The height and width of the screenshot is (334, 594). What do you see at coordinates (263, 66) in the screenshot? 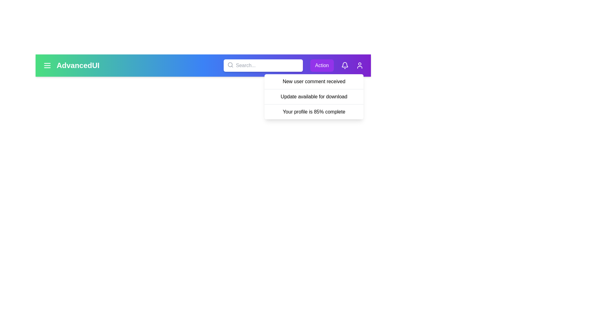
I see `the search input field to focus it` at bounding box center [263, 66].